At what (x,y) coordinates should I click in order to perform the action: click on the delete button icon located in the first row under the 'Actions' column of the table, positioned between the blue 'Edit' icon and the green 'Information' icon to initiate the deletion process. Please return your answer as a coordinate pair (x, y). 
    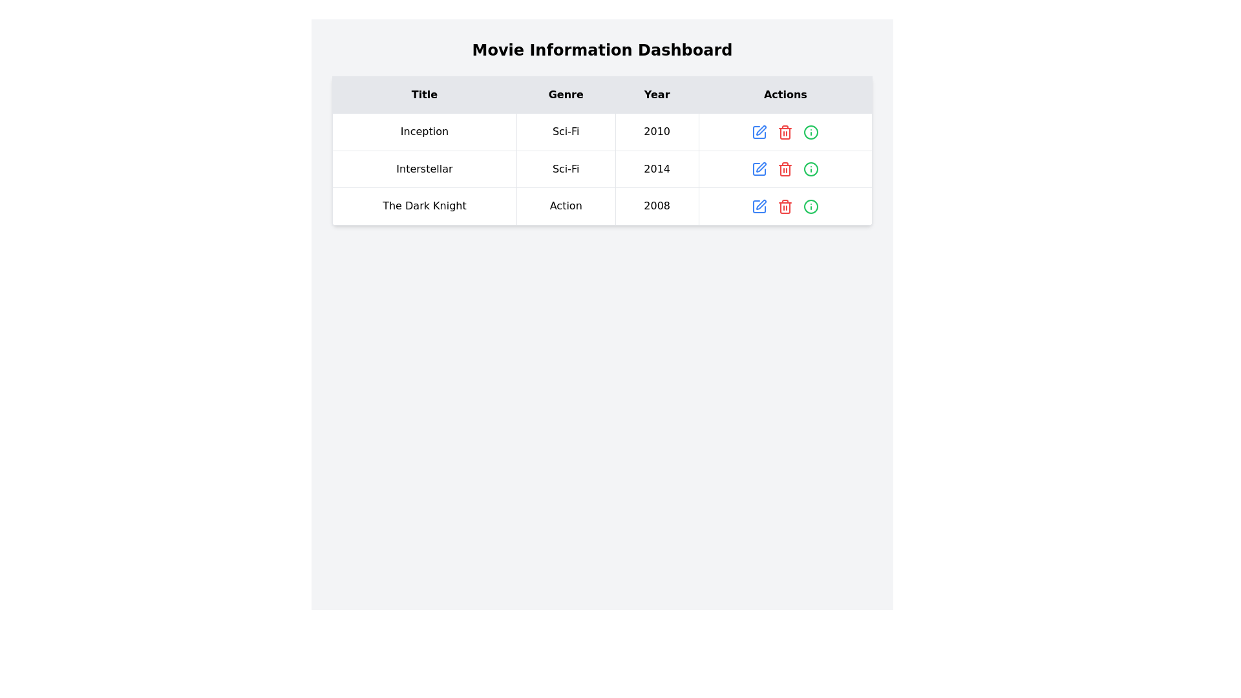
    Looking at the image, I should click on (785, 132).